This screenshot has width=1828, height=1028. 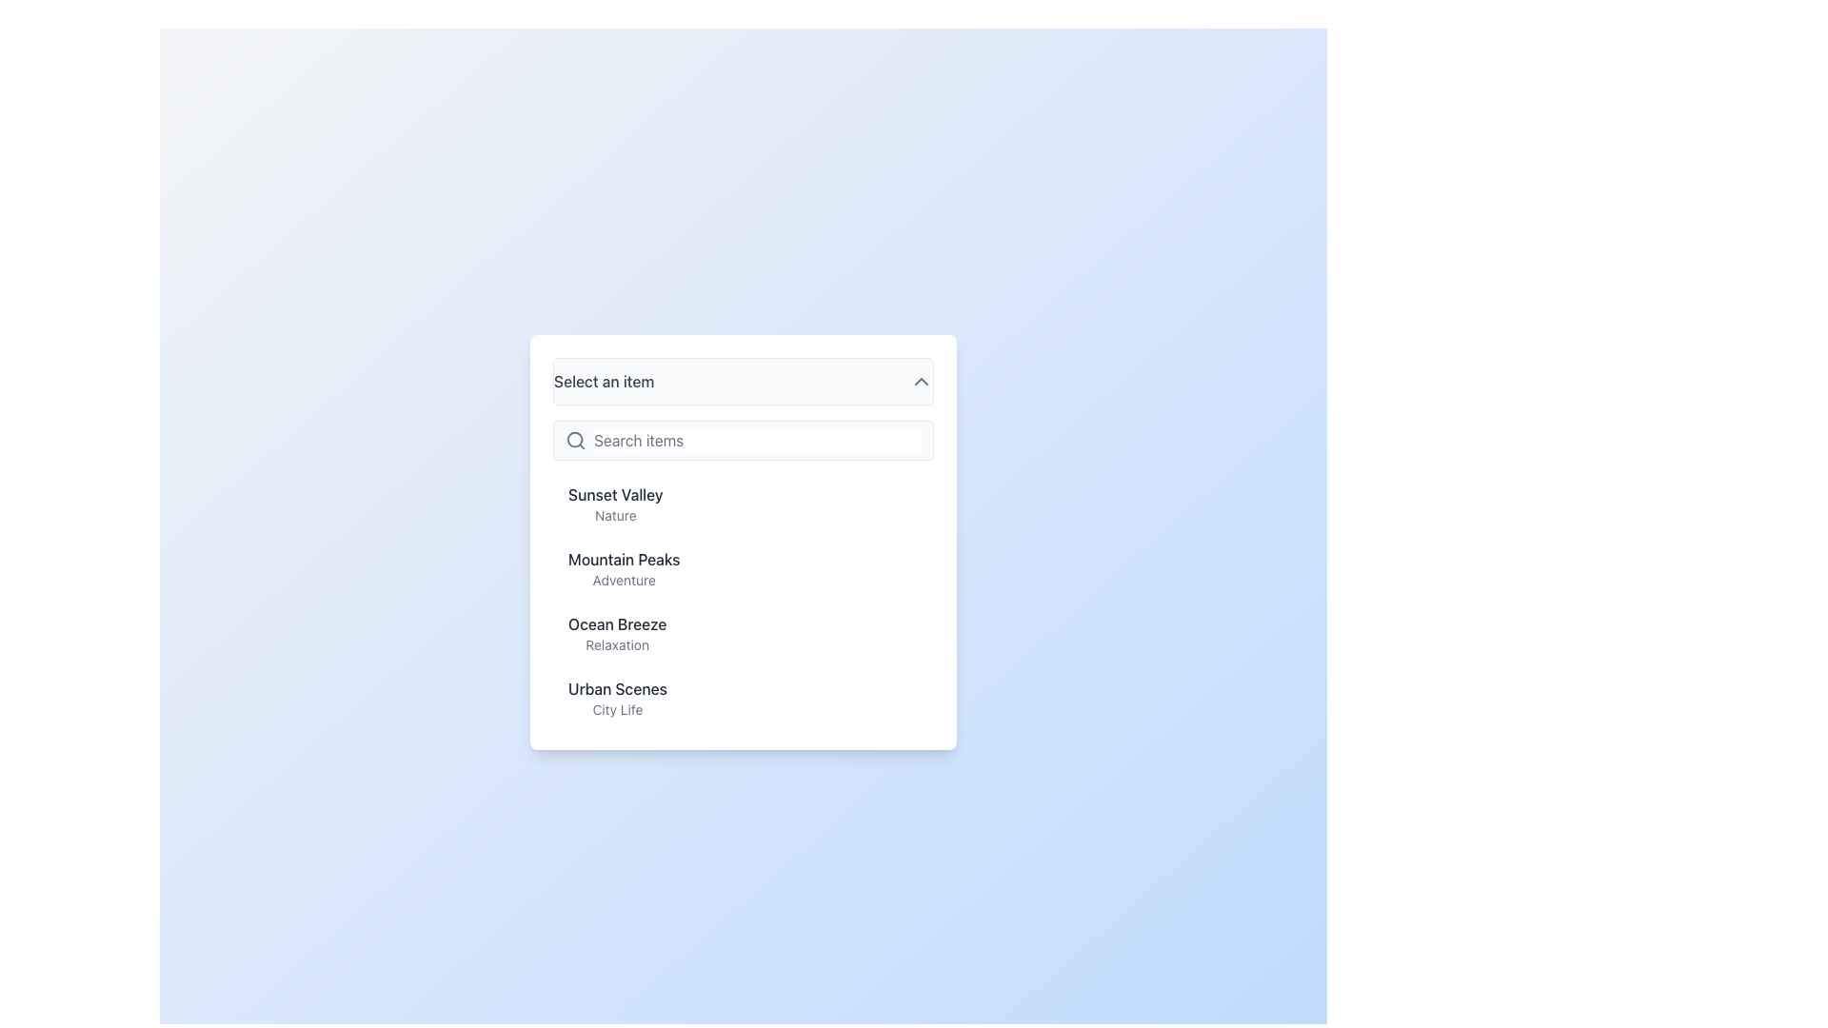 I want to click on the upward-pointing gray chevron icon located to the right of the 'Select an item' text in the dropdown box, so click(x=922, y=382).